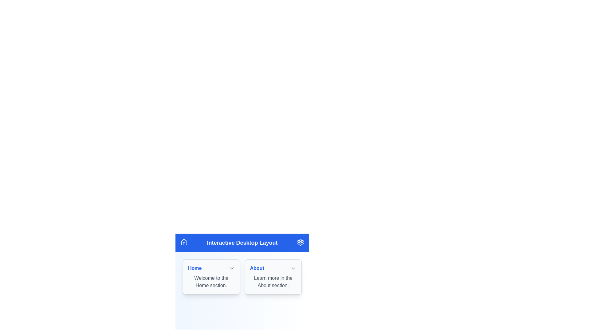  Describe the element at coordinates (184, 242) in the screenshot. I see `the home button icon located in the top-left corner of the blue horizontal bar` at that location.